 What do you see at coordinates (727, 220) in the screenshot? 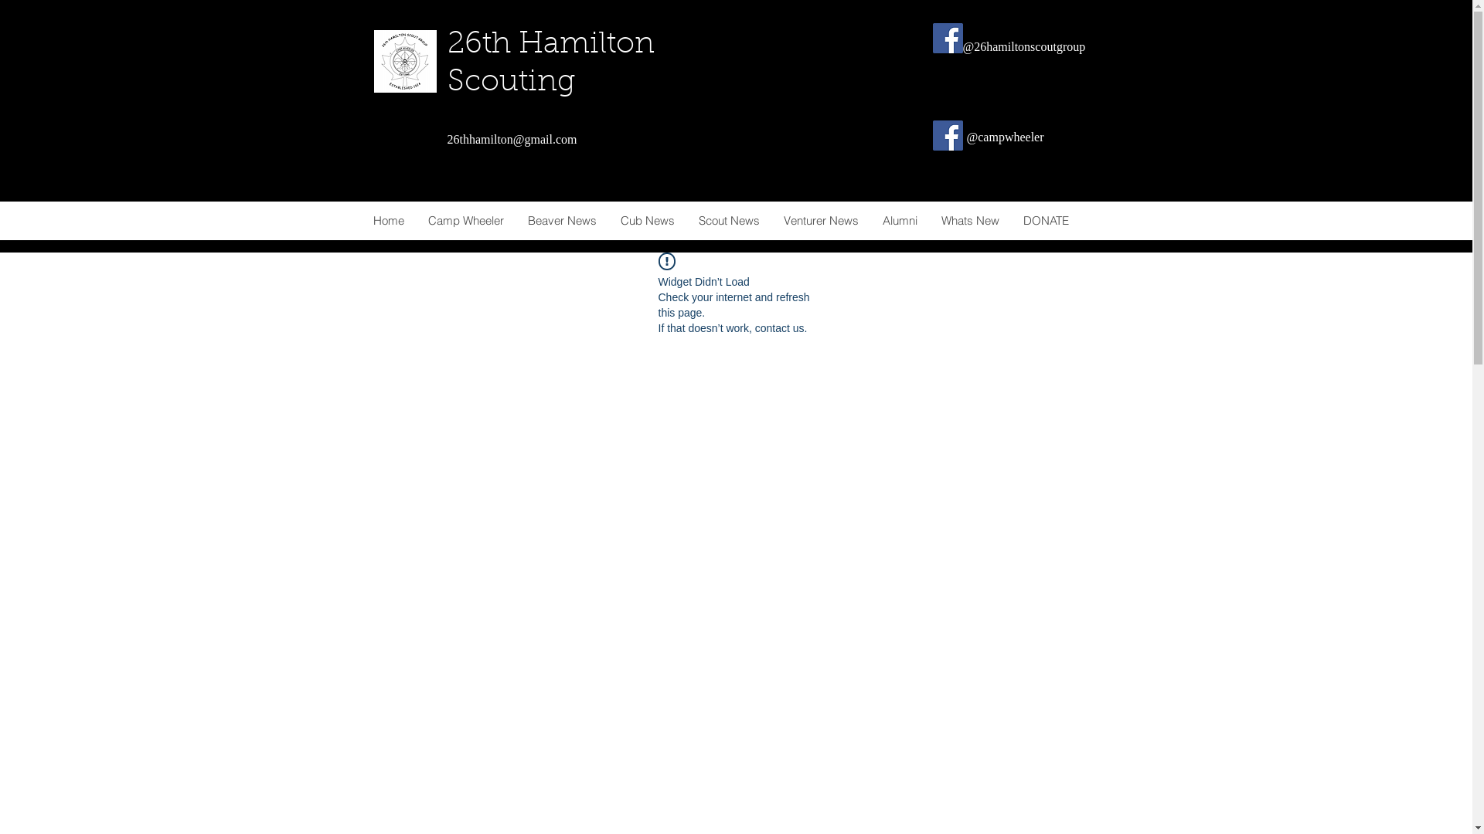
I see `'Scout News'` at bounding box center [727, 220].